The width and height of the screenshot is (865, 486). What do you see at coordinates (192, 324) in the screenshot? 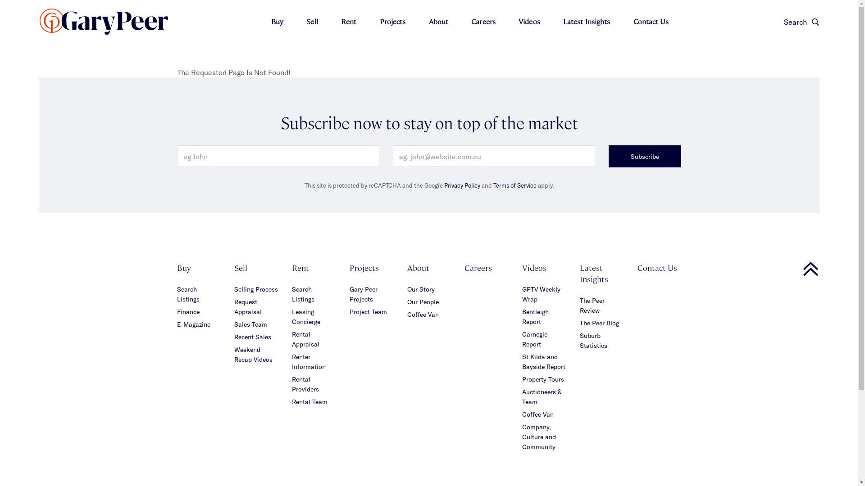
I see `'E-Magazine'` at bounding box center [192, 324].